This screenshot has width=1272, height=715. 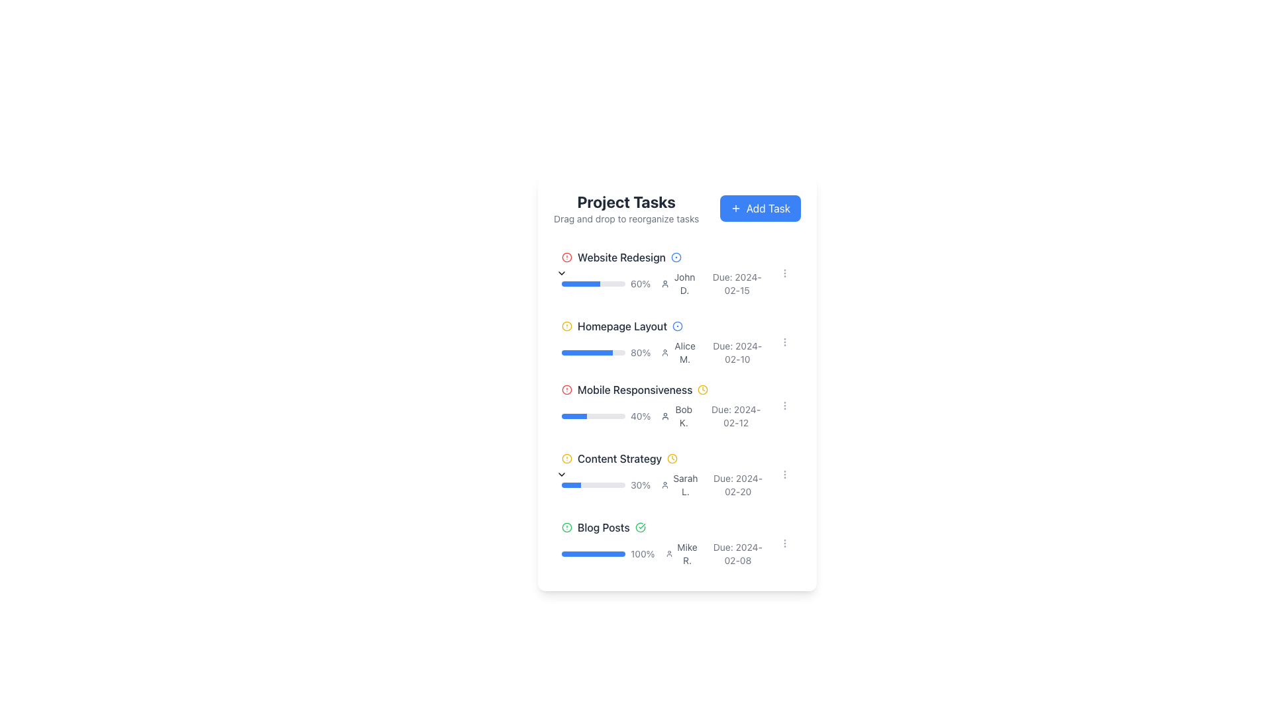 I want to click on the success indicator icon for 'Blog Posts', located towards the right of the row, adjacent to the text 'Blog Posts', so click(x=640, y=527).